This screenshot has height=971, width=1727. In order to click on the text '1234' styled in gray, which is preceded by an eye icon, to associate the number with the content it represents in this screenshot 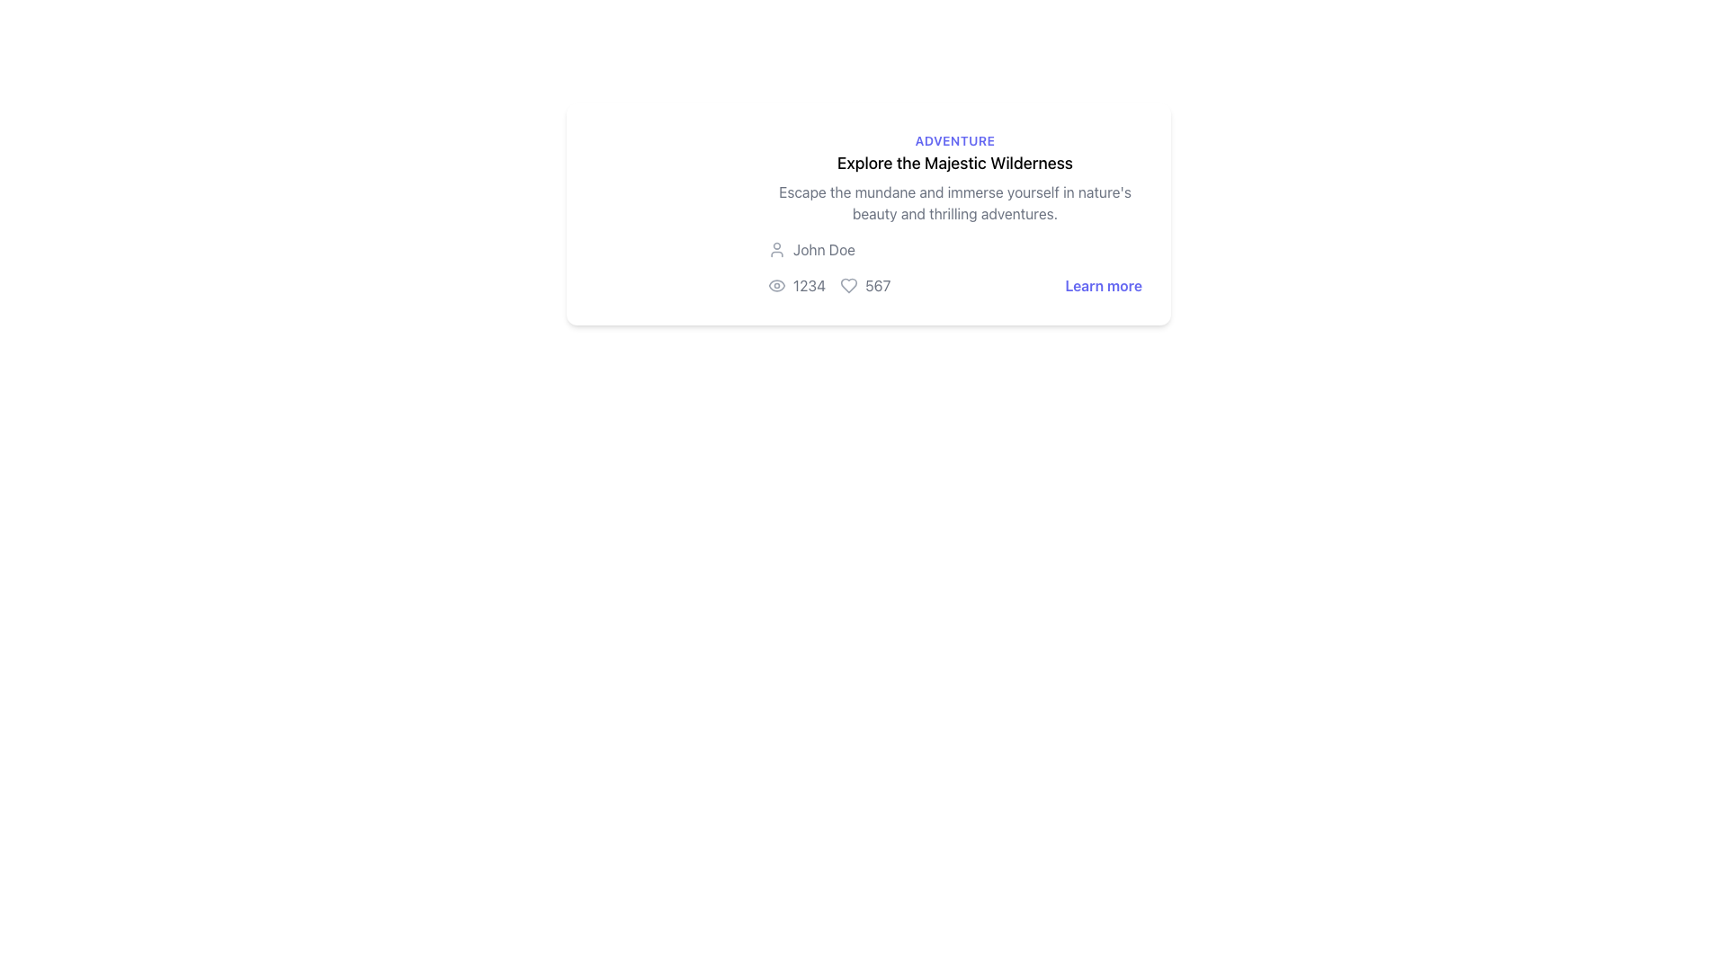, I will do `click(796, 284)`.